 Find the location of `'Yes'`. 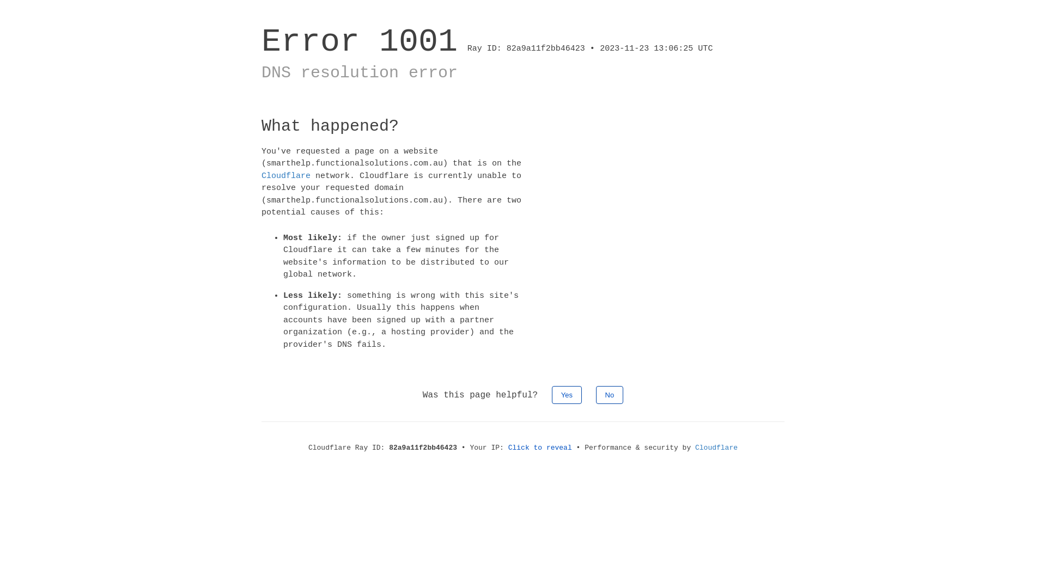

'Yes' is located at coordinates (567, 395).